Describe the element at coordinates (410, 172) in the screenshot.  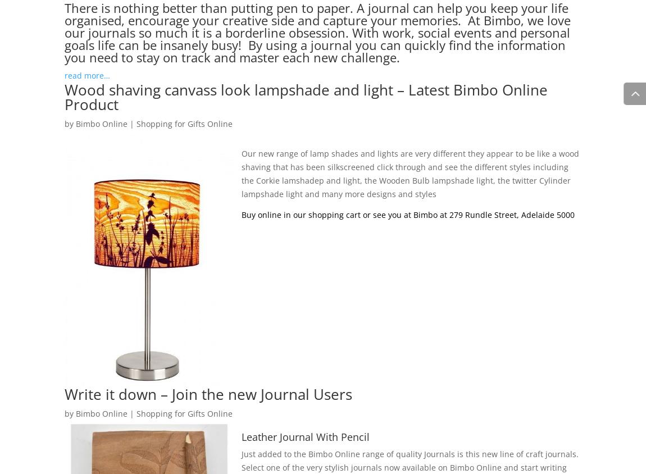
I see `'Our new range of lamp shades and lights are very different they appear to be like a wood shaving that has been silkscreened click through and see the different styles including the Corkie lamshadep and light, the Wooden Bulb lampshade light, the twitter Cylinder lampshade light and many more designs and styles'` at that location.